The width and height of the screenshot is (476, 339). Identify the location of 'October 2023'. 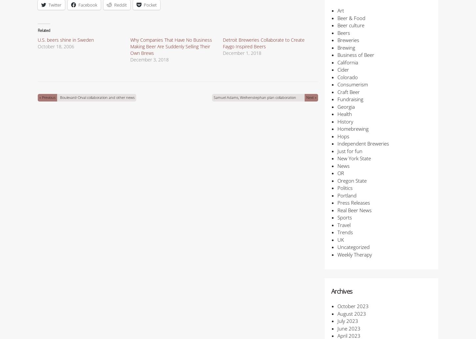
(337, 305).